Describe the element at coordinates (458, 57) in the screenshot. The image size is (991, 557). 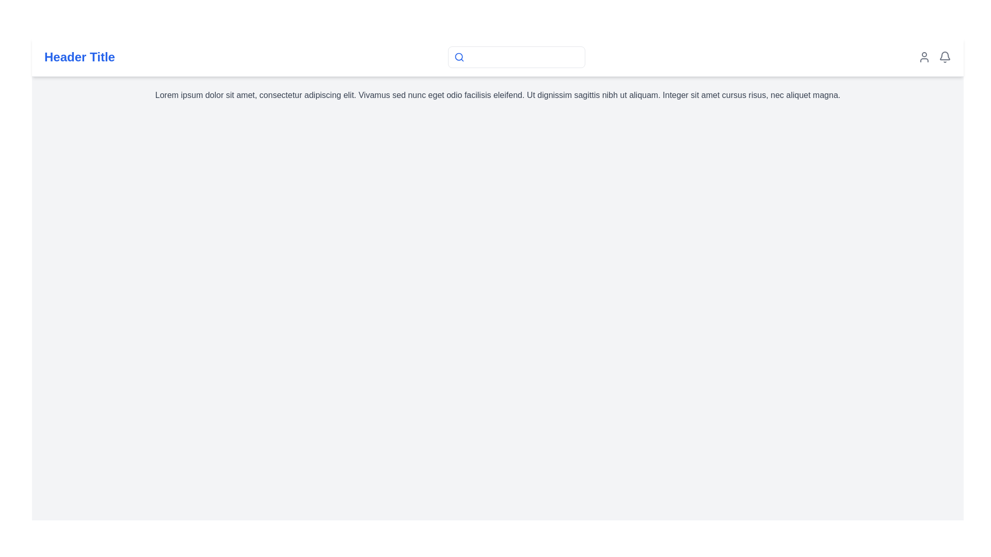
I see `the blue magnifying glass icon located on the left side of the search input field at the top center of the layout` at that location.